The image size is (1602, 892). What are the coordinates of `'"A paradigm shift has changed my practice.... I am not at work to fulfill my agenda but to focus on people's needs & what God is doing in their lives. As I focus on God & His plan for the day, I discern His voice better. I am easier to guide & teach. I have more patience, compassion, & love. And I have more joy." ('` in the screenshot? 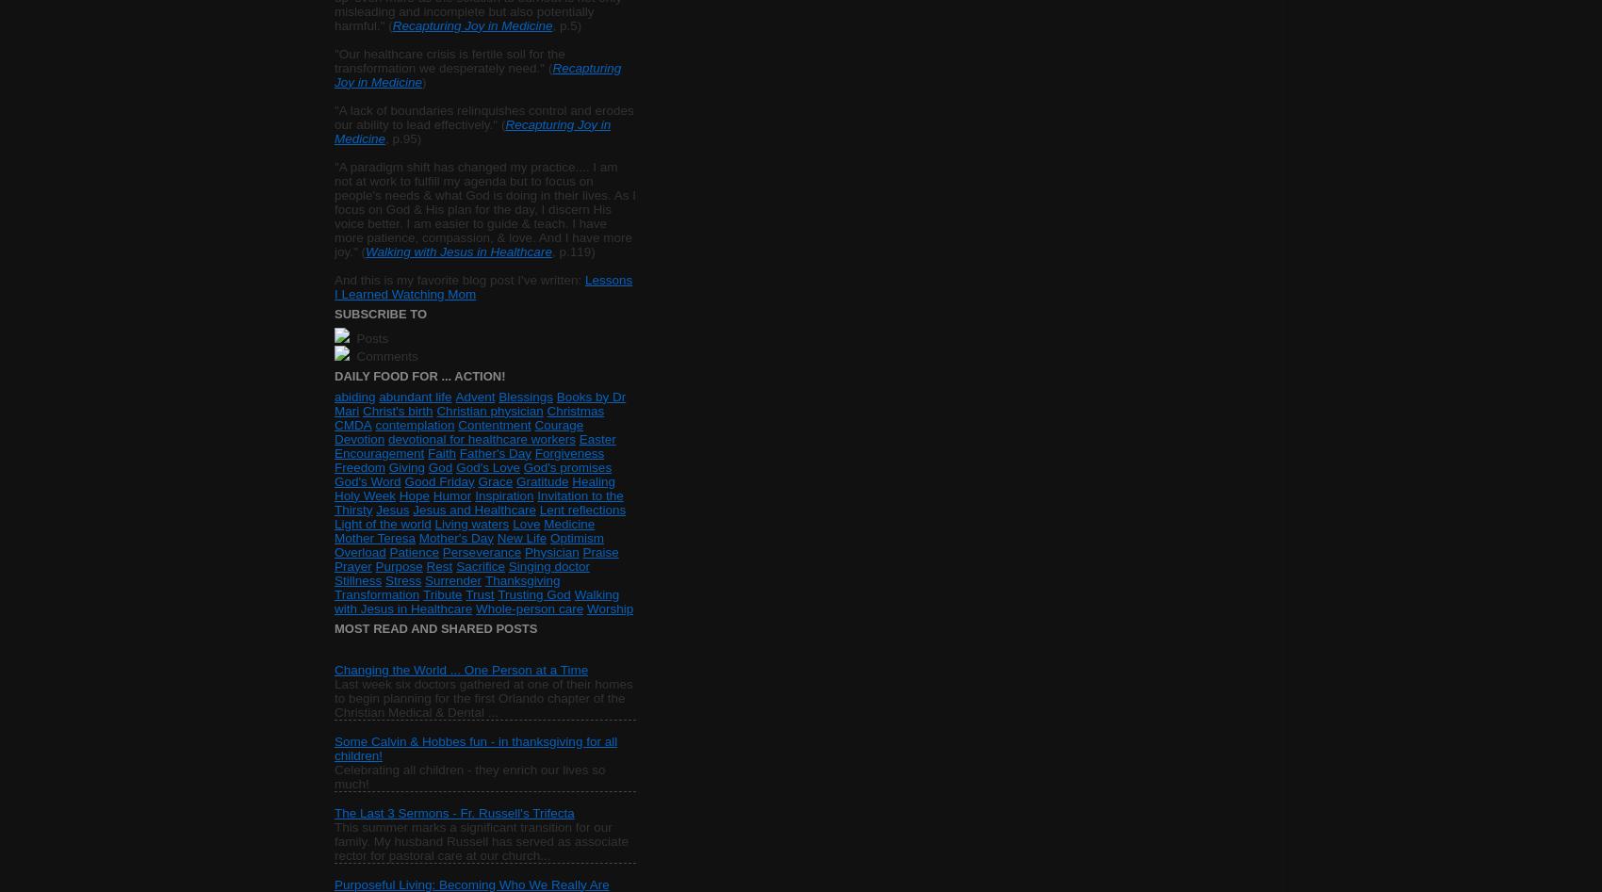 It's located at (333, 208).